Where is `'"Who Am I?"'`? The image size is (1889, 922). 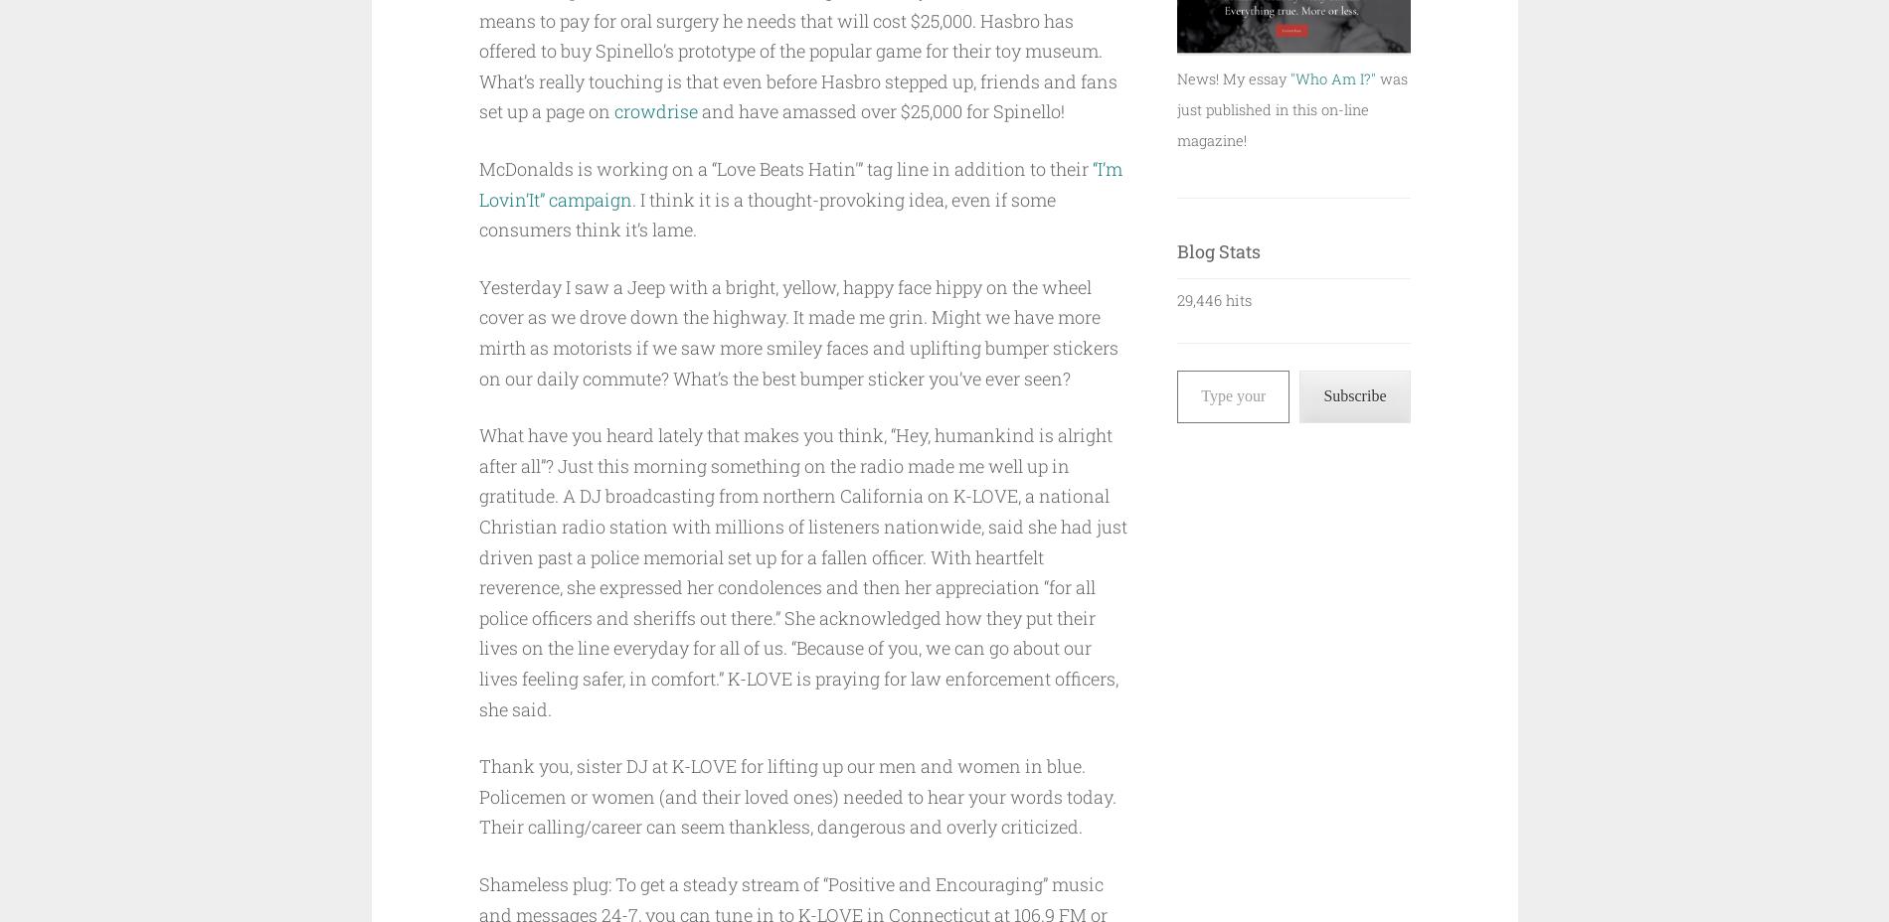 '"Who Am I?"' is located at coordinates (1289, 77).